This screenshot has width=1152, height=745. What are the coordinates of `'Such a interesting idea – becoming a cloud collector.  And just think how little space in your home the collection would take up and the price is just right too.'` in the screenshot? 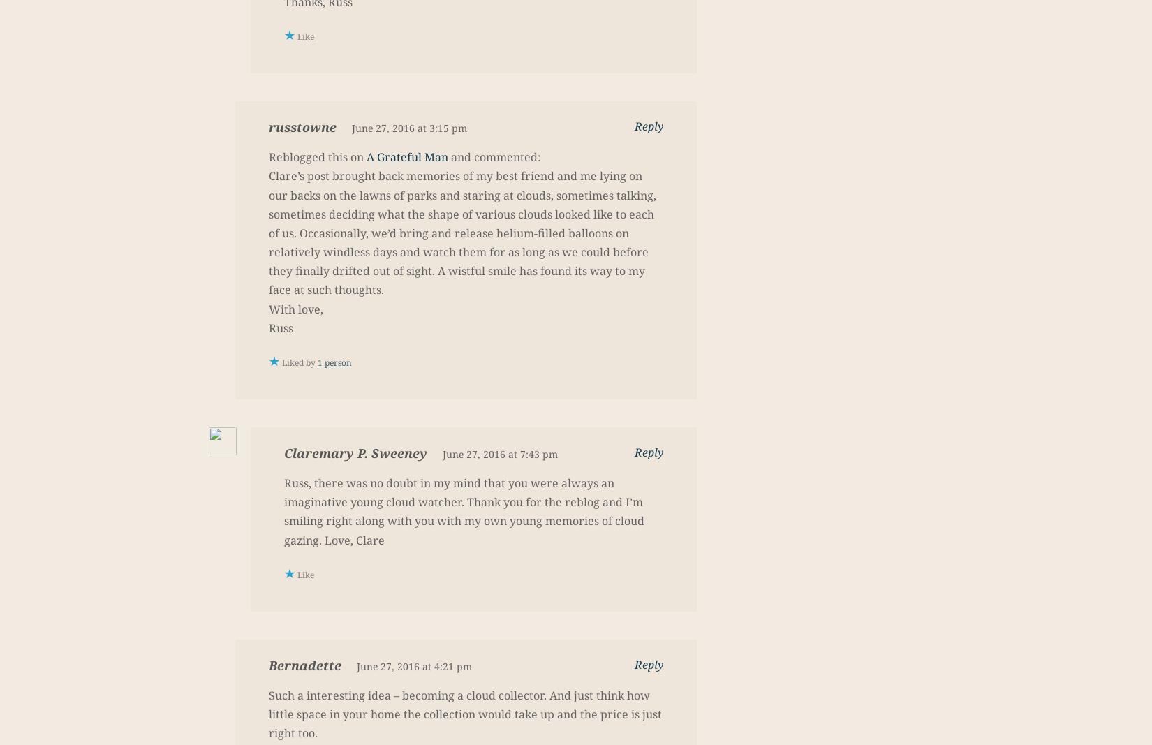 It's located at (464, 714).